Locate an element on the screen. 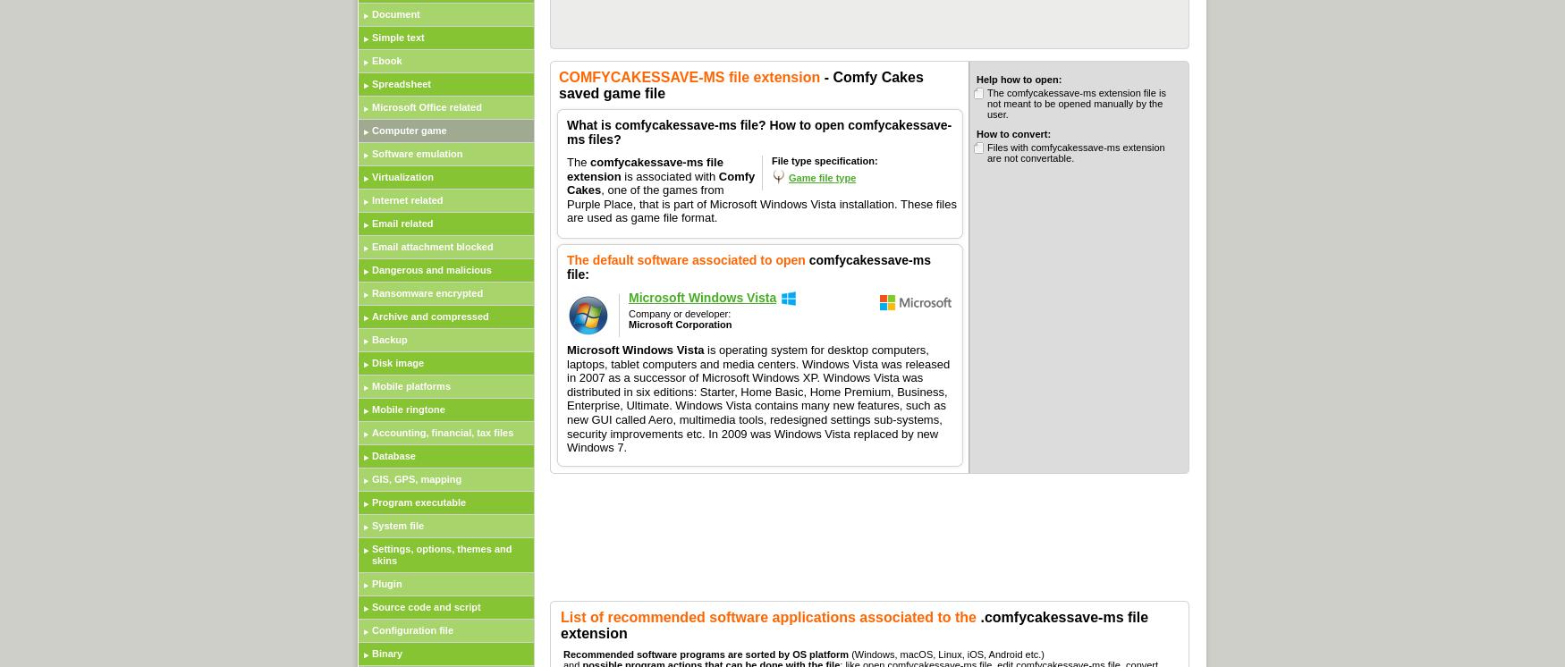  'Microsoft Office related' is located at coordinates (427, 106).